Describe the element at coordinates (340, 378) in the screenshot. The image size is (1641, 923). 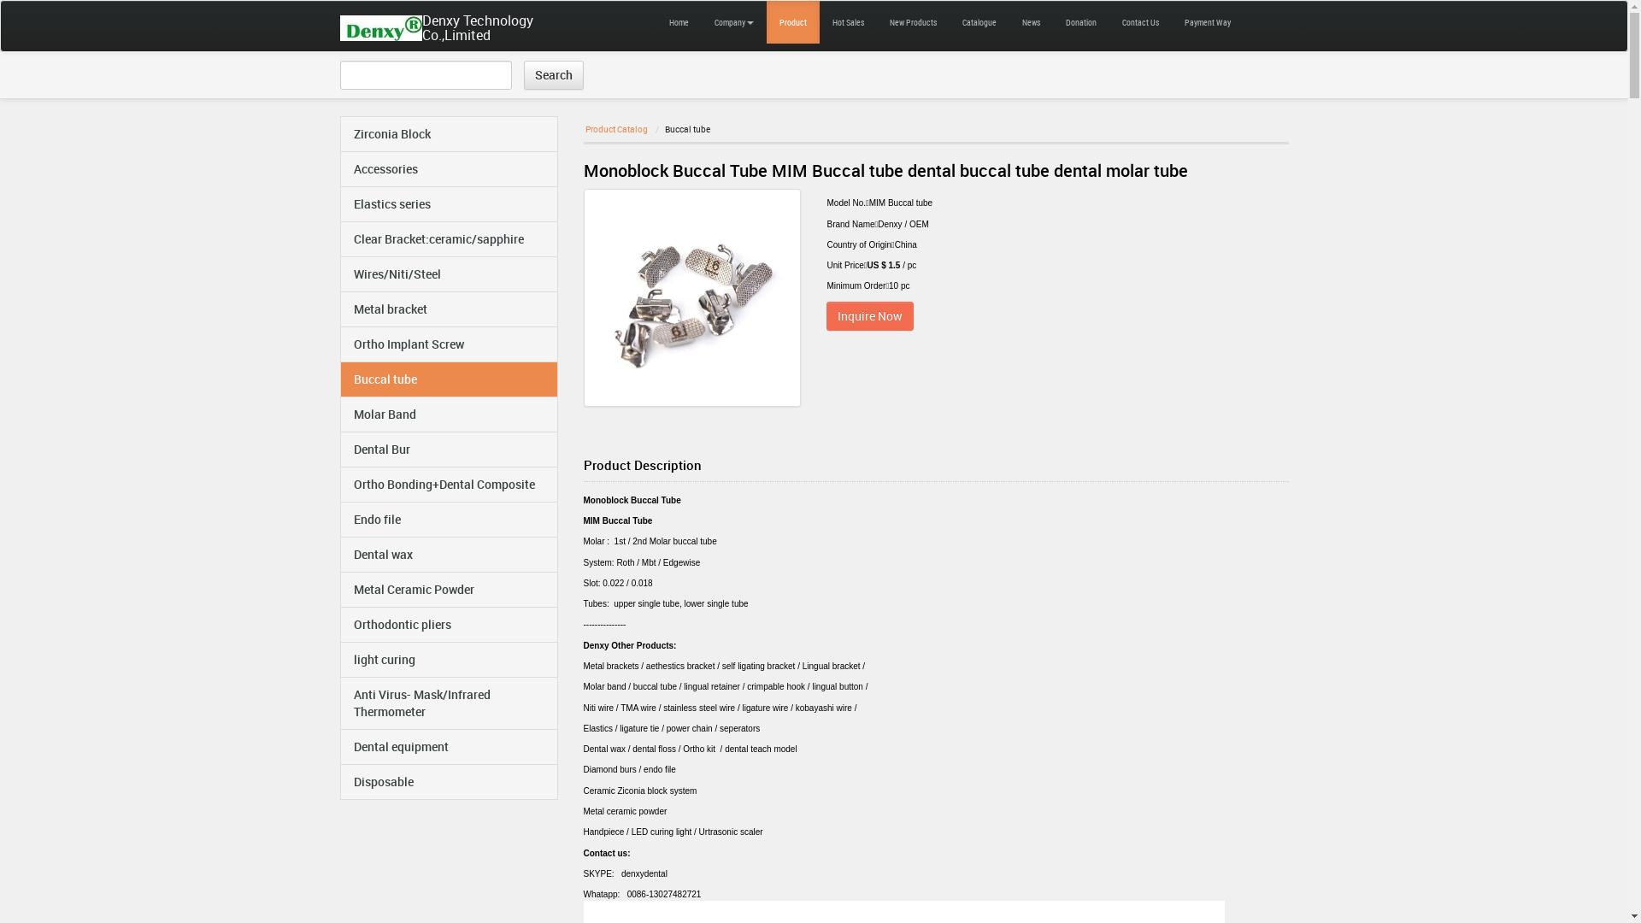
I see `'Buccal tube'` at that location.